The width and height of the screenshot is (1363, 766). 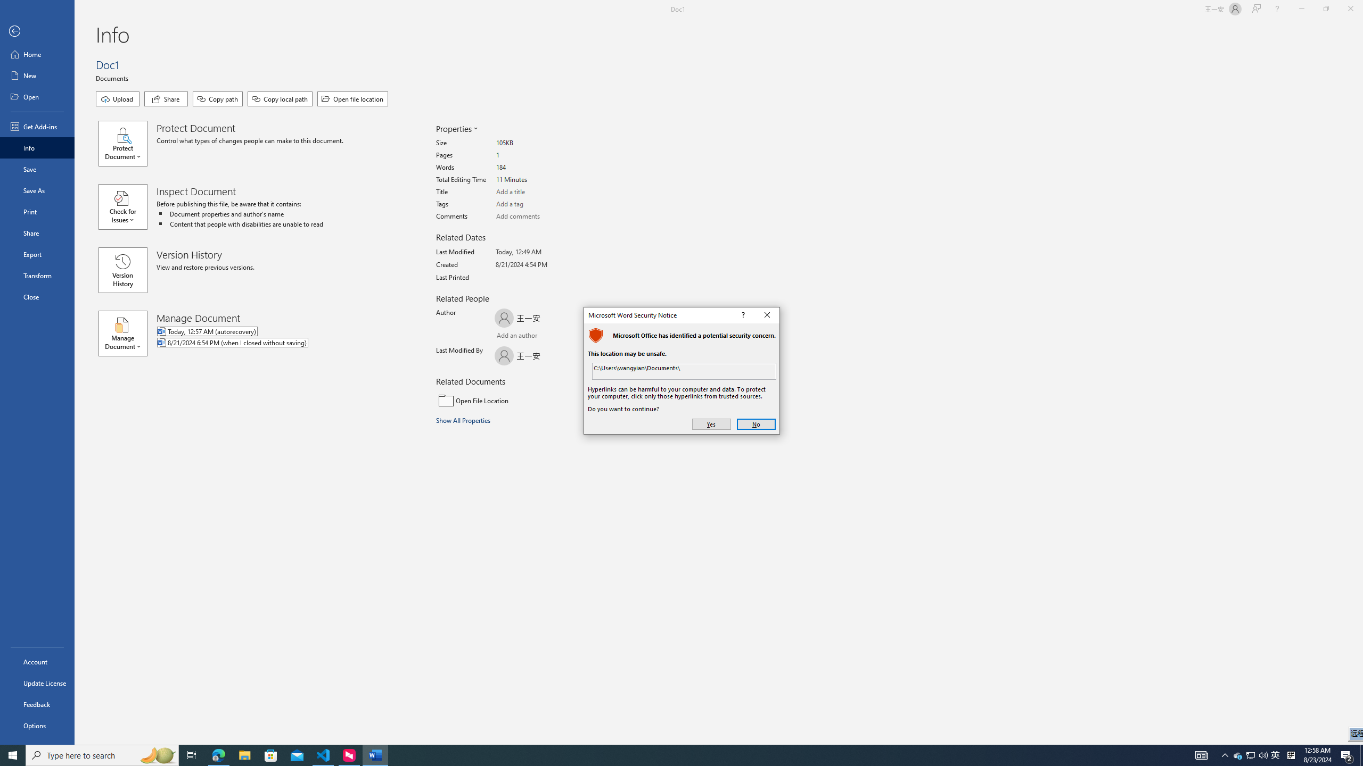 What do you see at coordinates (742, 314) in the screenshot?
I see `'Context help'` at bounding box center [742, 314].